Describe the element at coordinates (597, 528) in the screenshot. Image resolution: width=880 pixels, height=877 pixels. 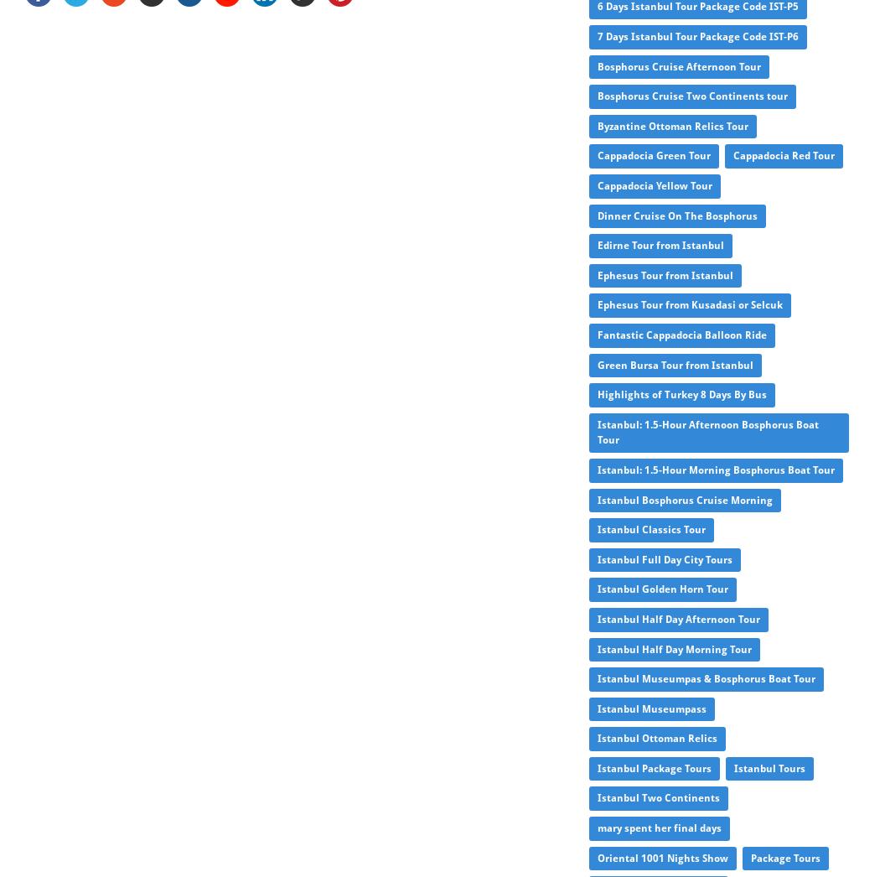
I see `'Istanbul Classics Tour'` at that location.